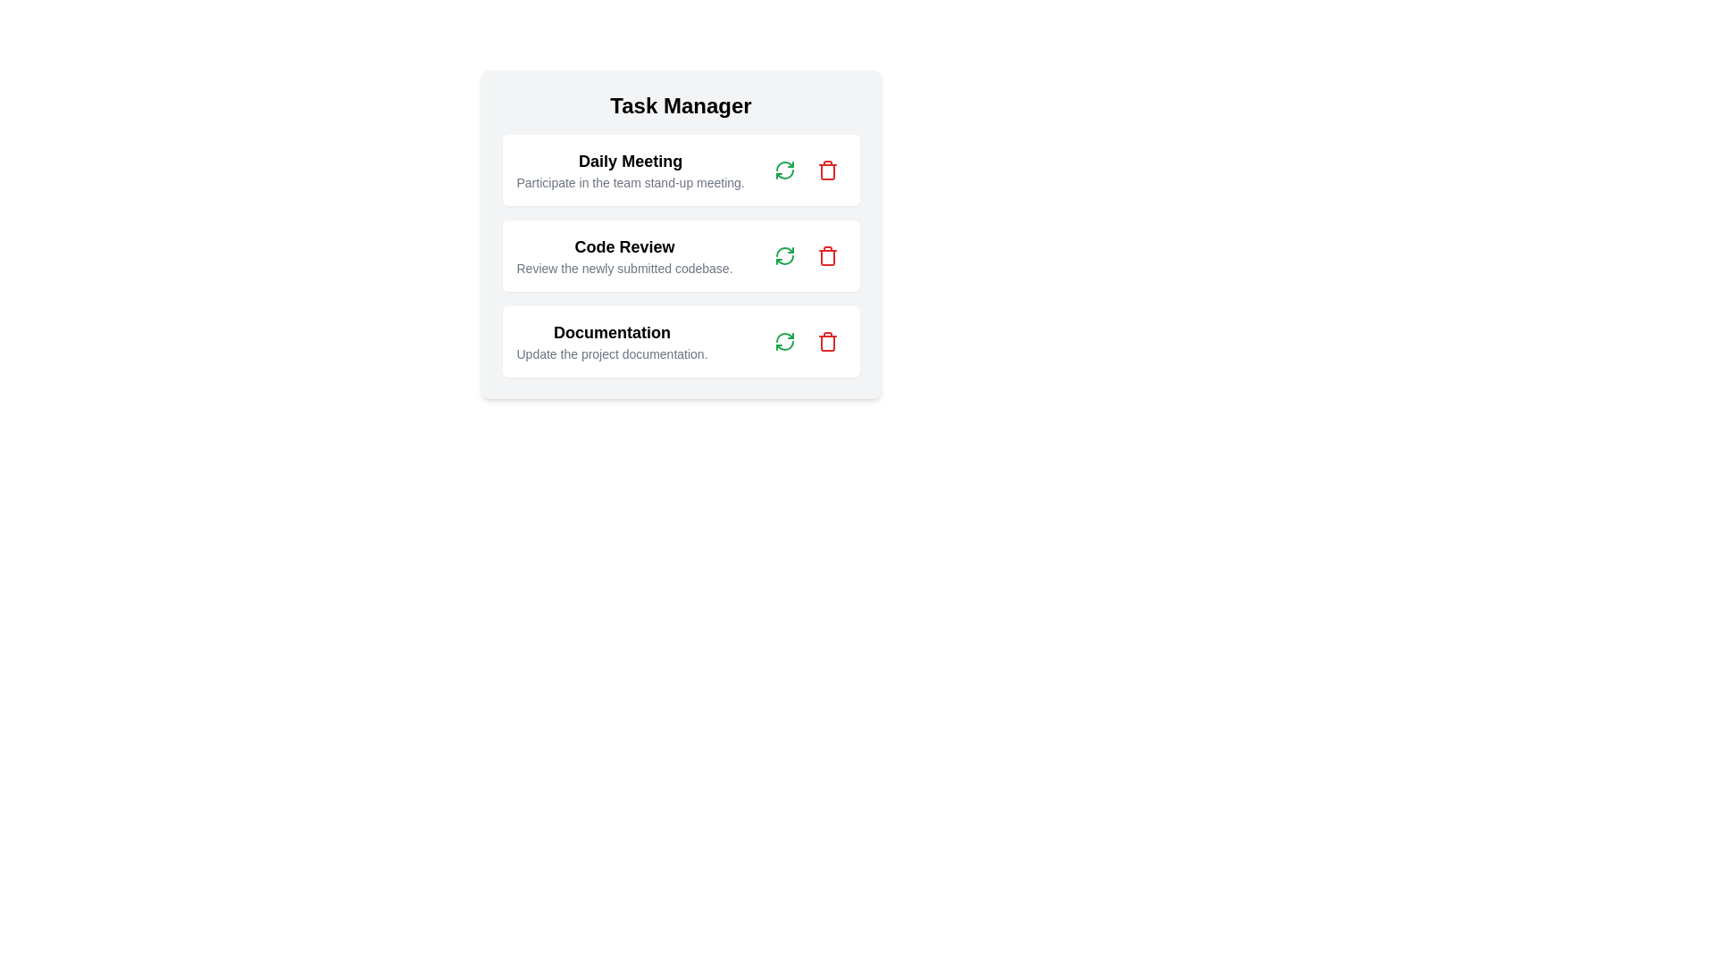 The image size is (1715, 964). Describe the element at coordinates (826, 258) in the screenshot. I see `the middle section of the trash bin icon in the task list application, which is part of an SVG icon and located to the right of the 'Code Review' task item` at that location.